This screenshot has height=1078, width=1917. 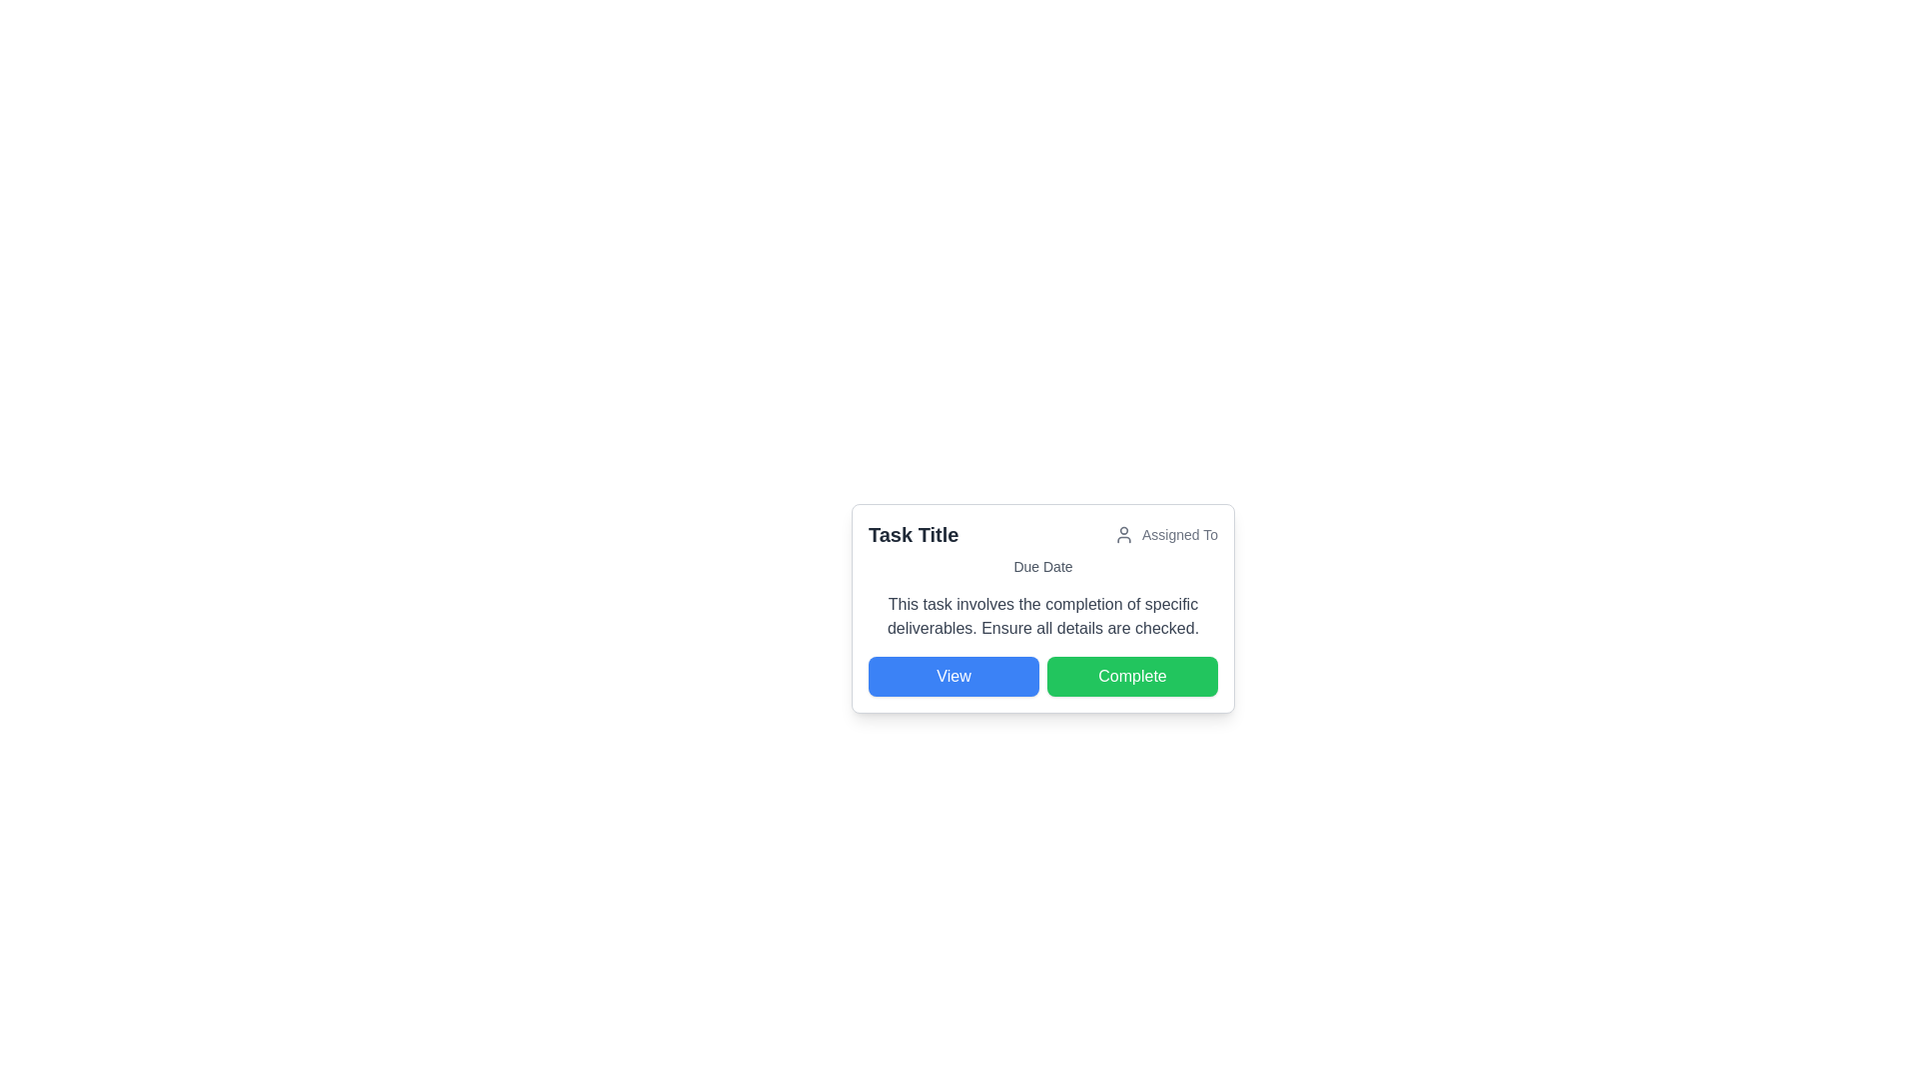 What do you see at coordinates (1132, 676) in the screenshot?
I see `the right-hand button in the grid layout` at bounding box center [1132, 676].